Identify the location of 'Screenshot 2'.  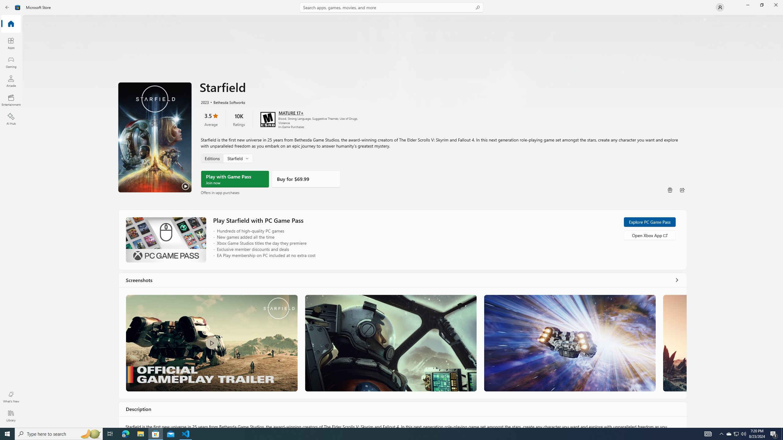
(390, 343).